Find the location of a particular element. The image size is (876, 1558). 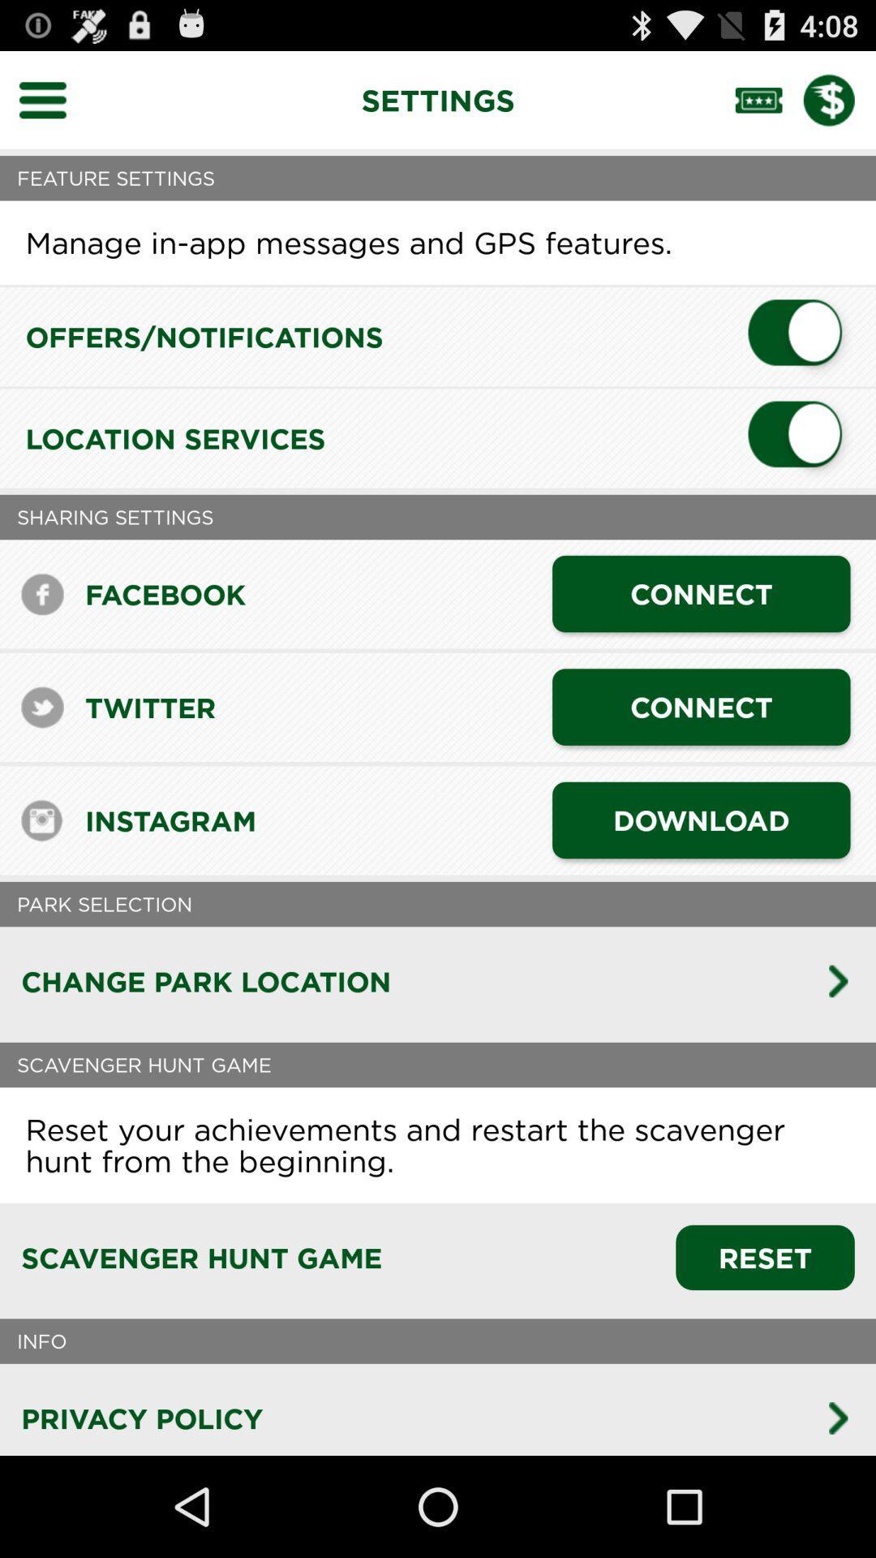

offers/notifications is located at coordinates (801, 336).